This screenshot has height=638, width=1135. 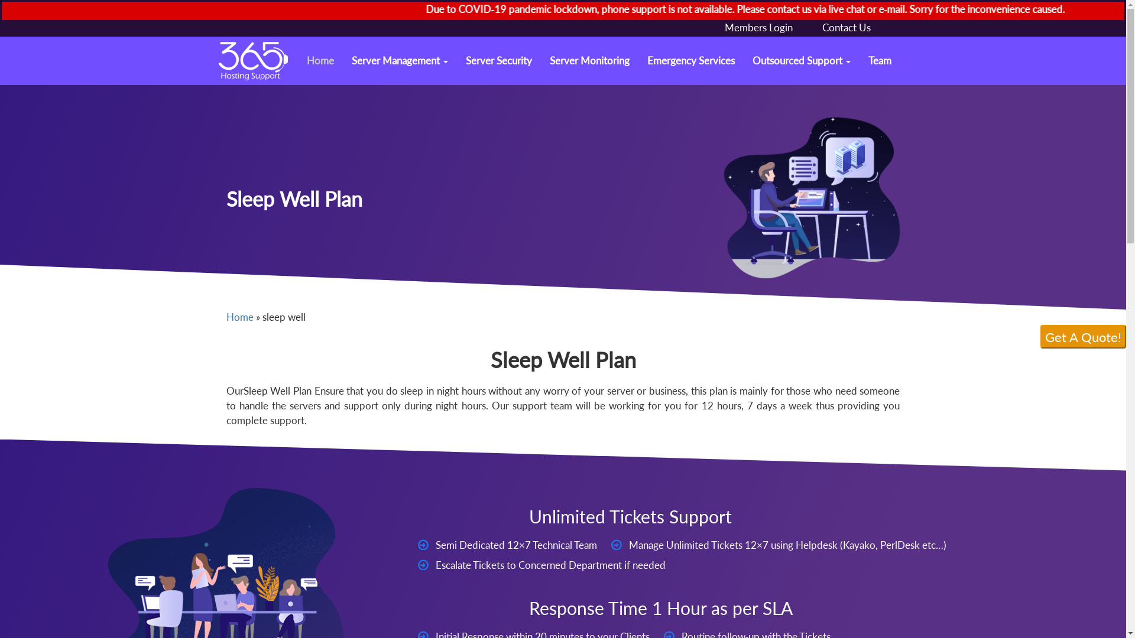 What do you see at coordinates (845, 27) in the screenshot?
I see `'Contact Us'` at bounding box center [845, 27].